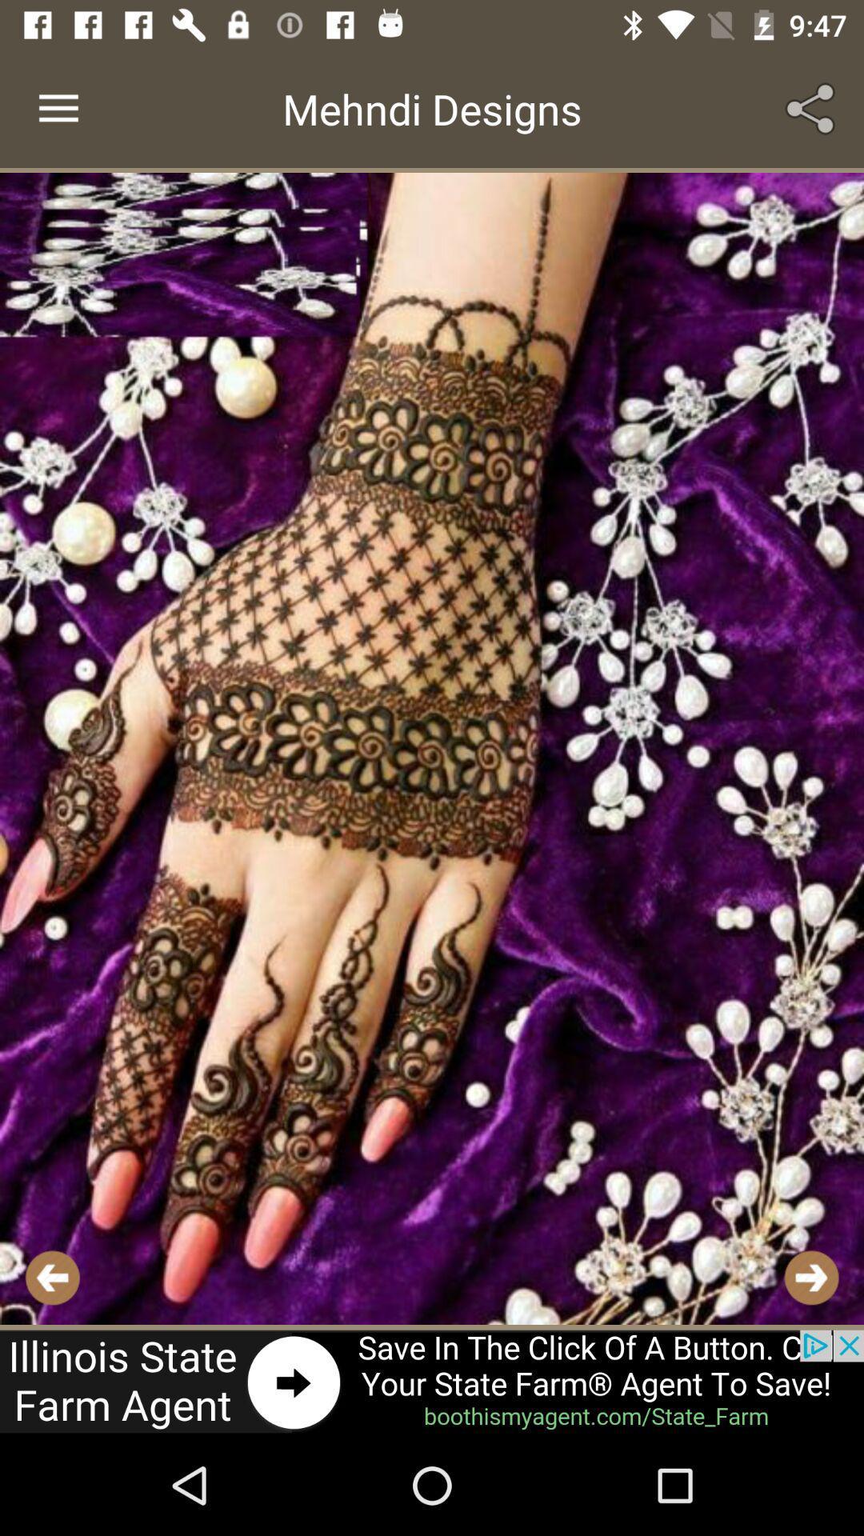 The image size is (864, 1536). I want to click on next button, so click(811, 1277).